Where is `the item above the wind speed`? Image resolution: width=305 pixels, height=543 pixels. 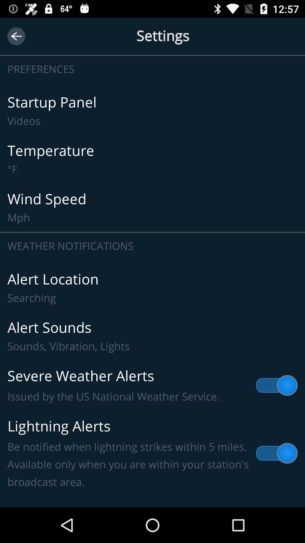
the item above the wind speed is located at coordinates (152, 159).